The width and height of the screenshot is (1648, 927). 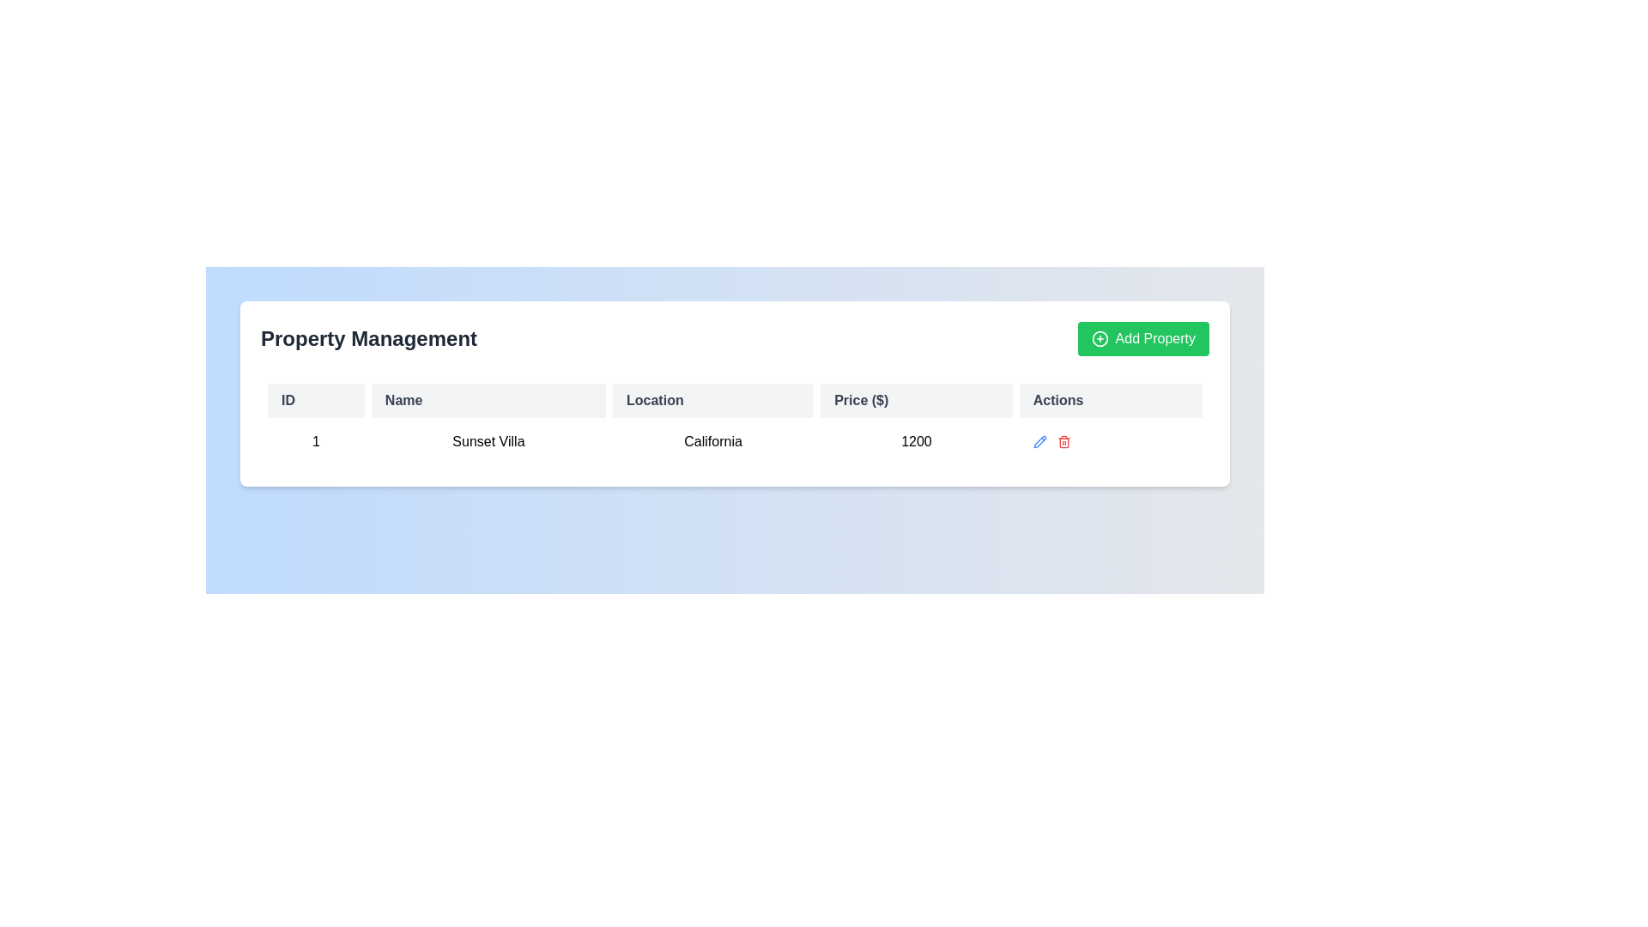 I want to click on the circular icon of the plus sign within the 'Add Property' button located at the top right corner of the 'Property Management' panel, so click(x=1100, y=338).